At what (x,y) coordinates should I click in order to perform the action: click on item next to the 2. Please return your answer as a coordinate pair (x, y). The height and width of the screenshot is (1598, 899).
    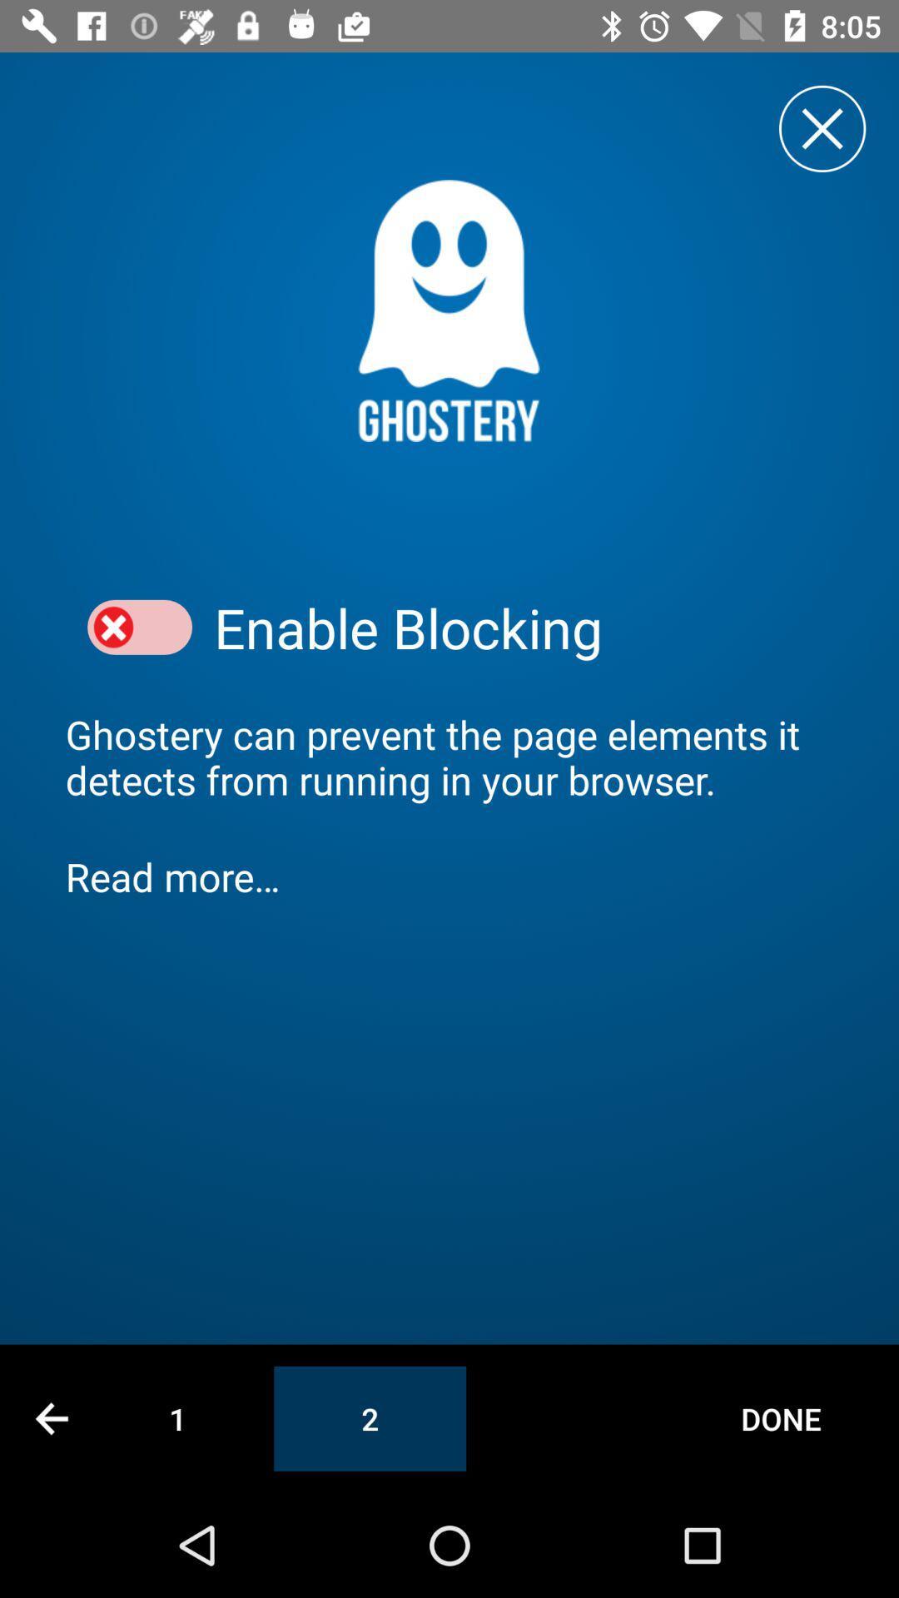
    Looking at the image, I should click on (781, 1417).